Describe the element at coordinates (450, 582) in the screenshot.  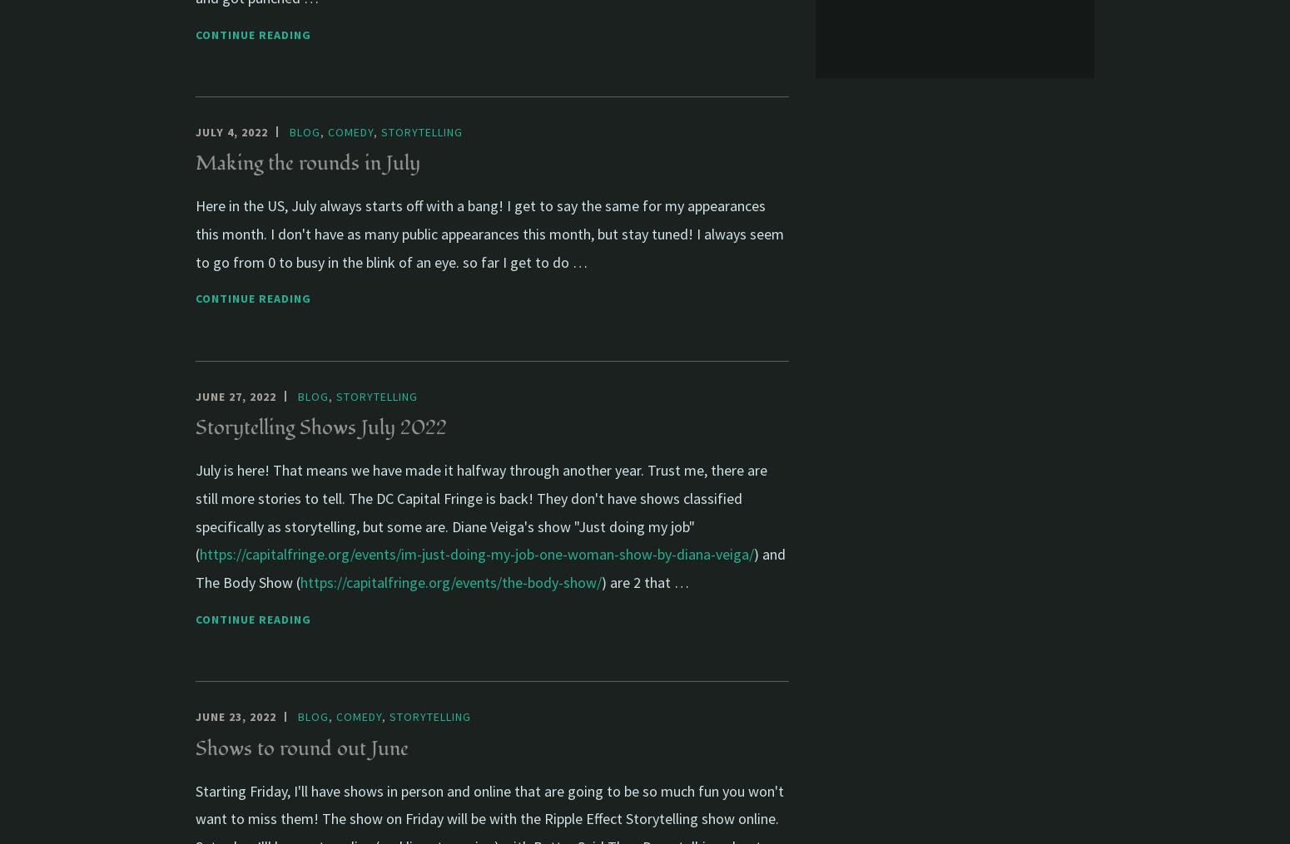
I see `'https://capitalfringe.org/events/the-body-show/'` at that location.